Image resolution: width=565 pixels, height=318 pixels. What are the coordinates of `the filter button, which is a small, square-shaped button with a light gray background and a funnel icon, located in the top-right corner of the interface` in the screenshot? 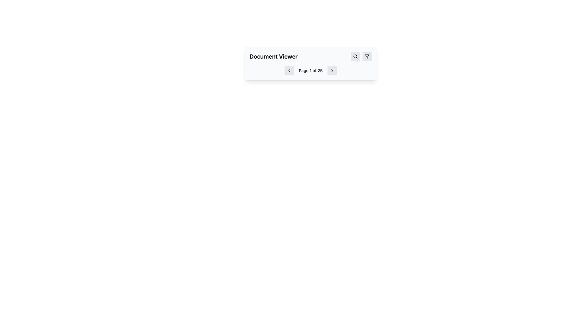 It's located at (367, 57).